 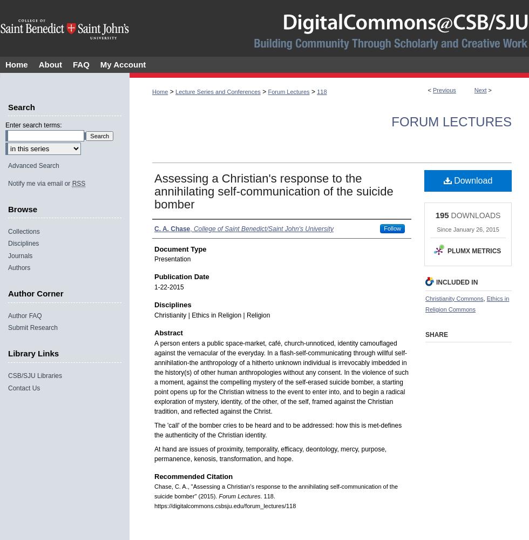 I want to click on 'Library Links', so click(x=33, y=353).